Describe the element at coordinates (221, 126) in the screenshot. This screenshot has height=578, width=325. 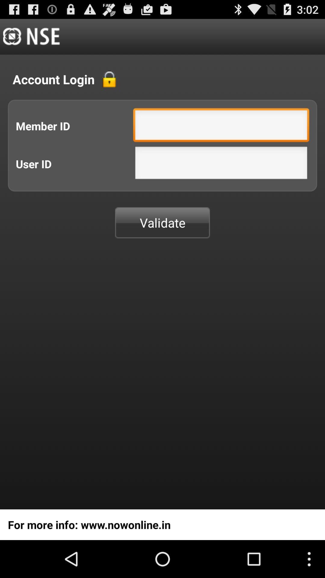
I see `member id in input box` at that location.